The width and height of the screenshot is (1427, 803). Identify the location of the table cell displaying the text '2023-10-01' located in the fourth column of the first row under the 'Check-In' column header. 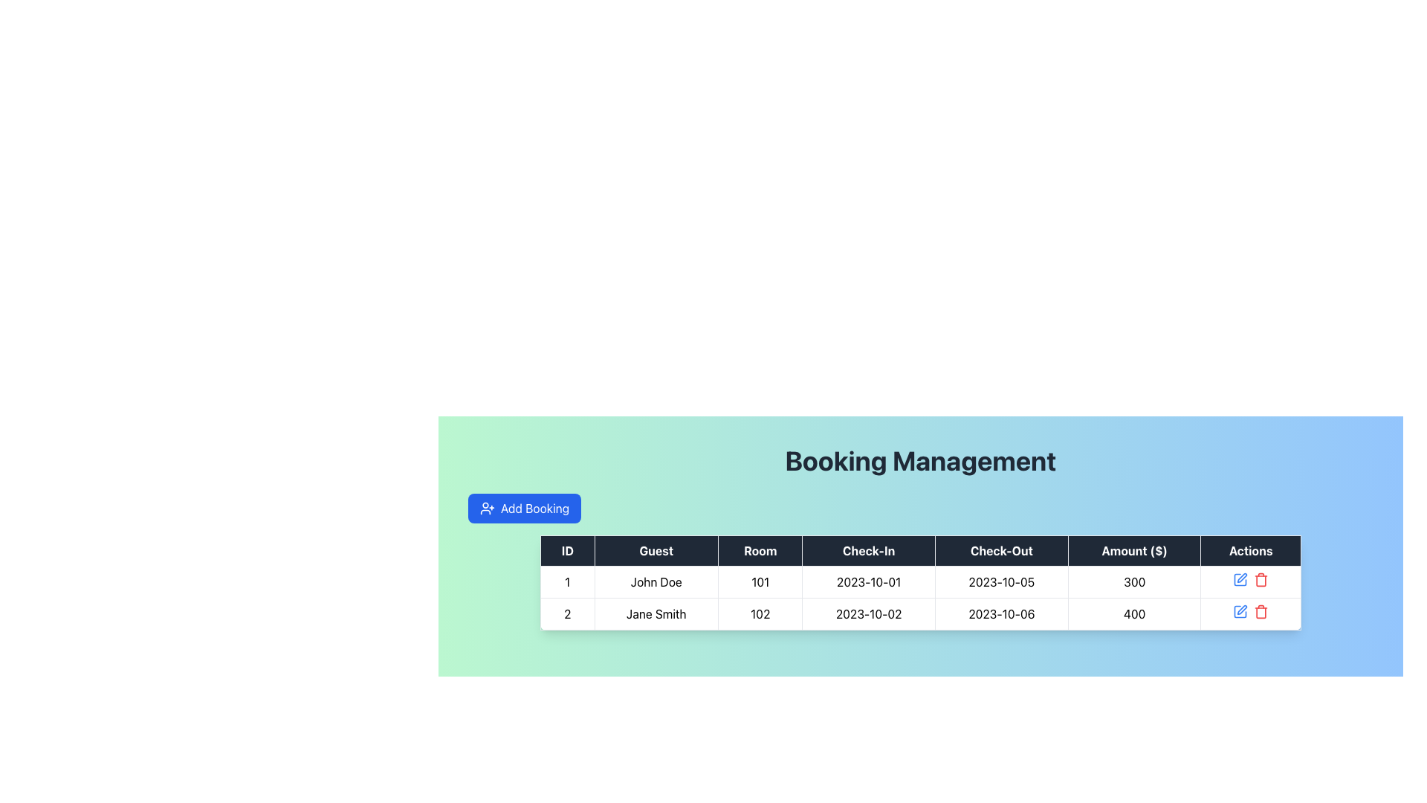
(869, 581).